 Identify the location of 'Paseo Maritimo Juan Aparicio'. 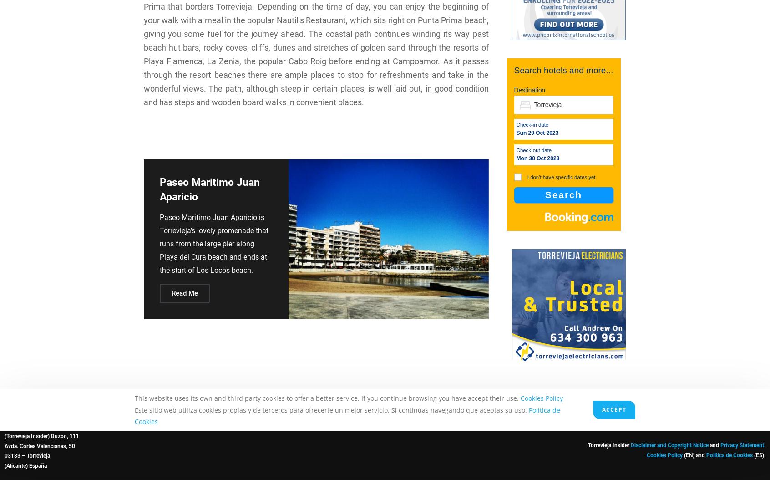
(209, 189).